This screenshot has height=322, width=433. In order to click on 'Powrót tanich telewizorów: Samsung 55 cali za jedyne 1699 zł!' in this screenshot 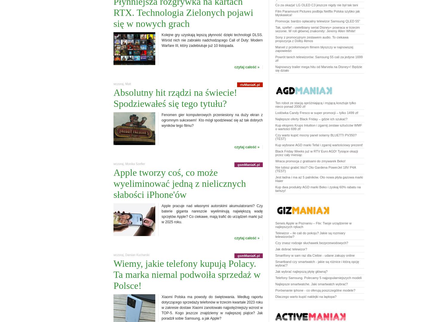, I will do `click(275, 59)`.